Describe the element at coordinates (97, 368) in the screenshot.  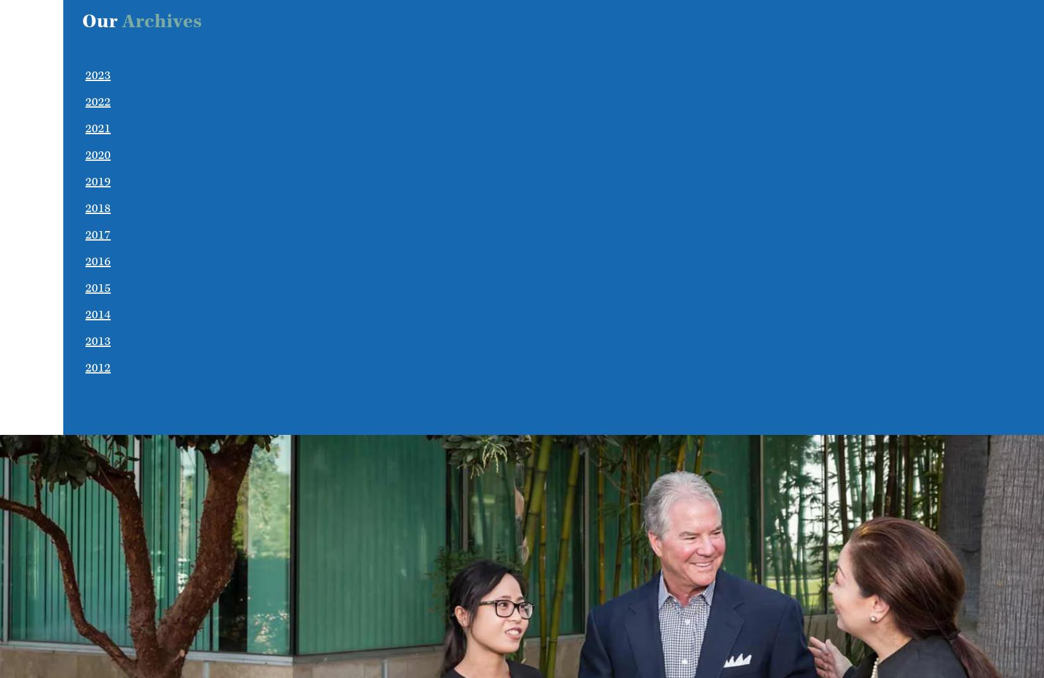
I see `'2012'` at that location.